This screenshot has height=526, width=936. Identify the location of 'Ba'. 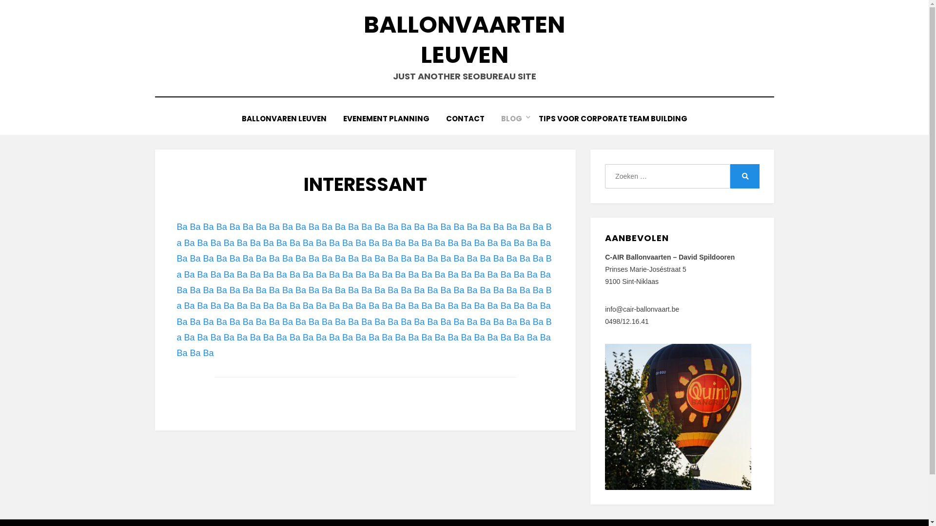
(439, 305).